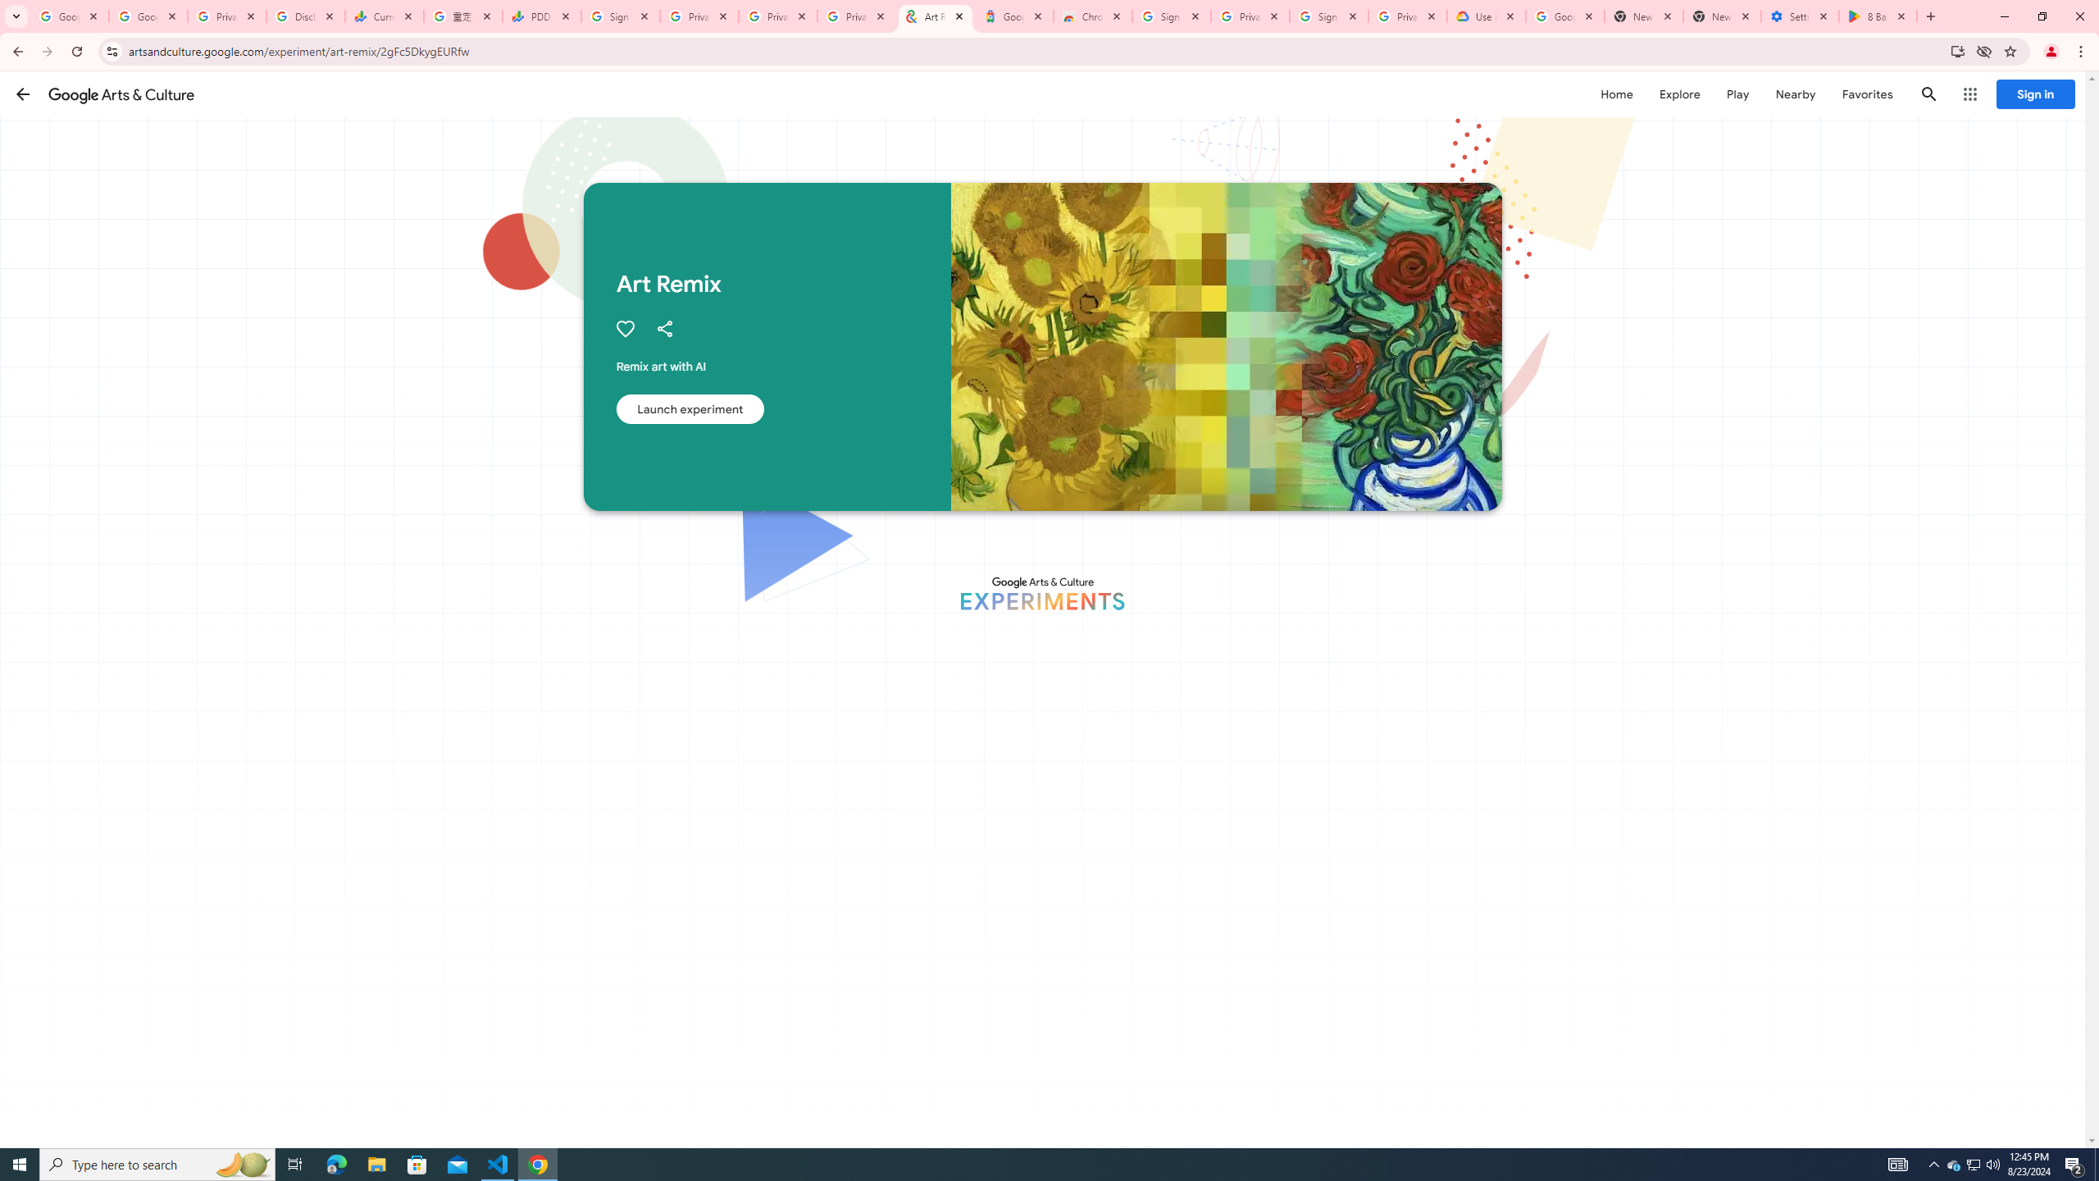  I want to click on 'Authenticate to favorite this asset.', so click(624, 329).